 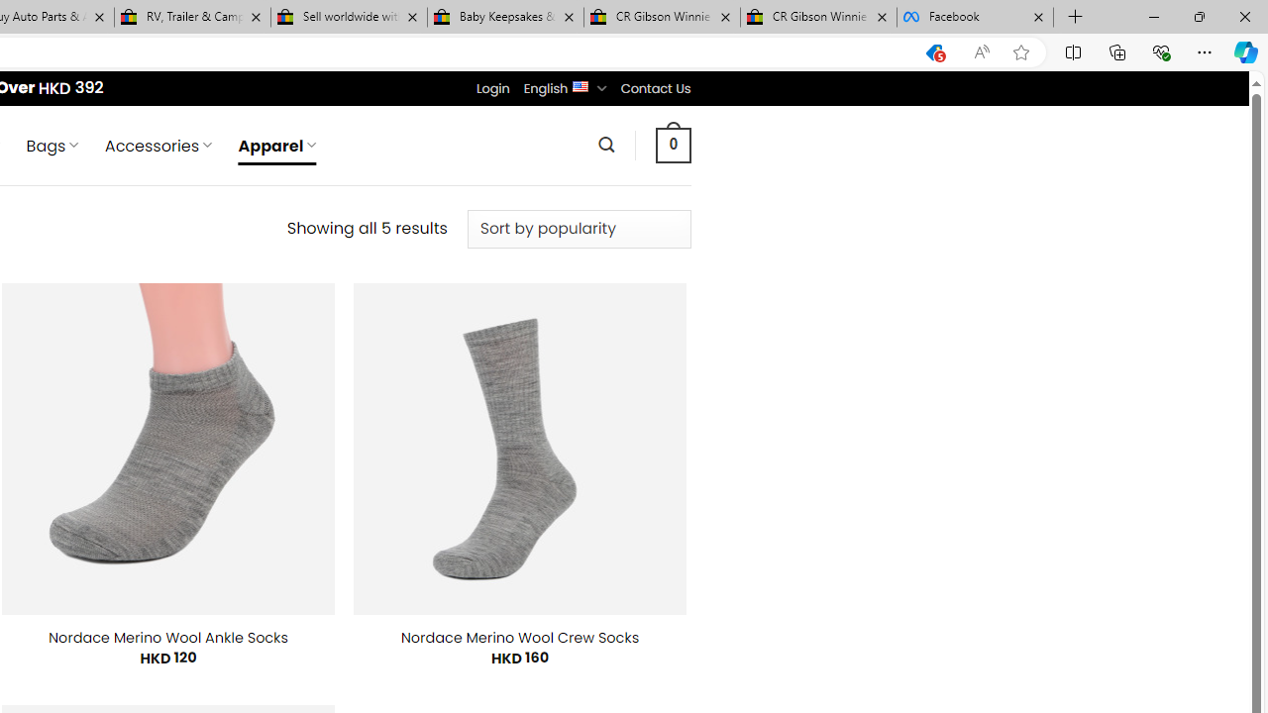 What do you see at coordinates (580, 84) in the screenshot?
I see `'English'` at bounding box center [580, 84].